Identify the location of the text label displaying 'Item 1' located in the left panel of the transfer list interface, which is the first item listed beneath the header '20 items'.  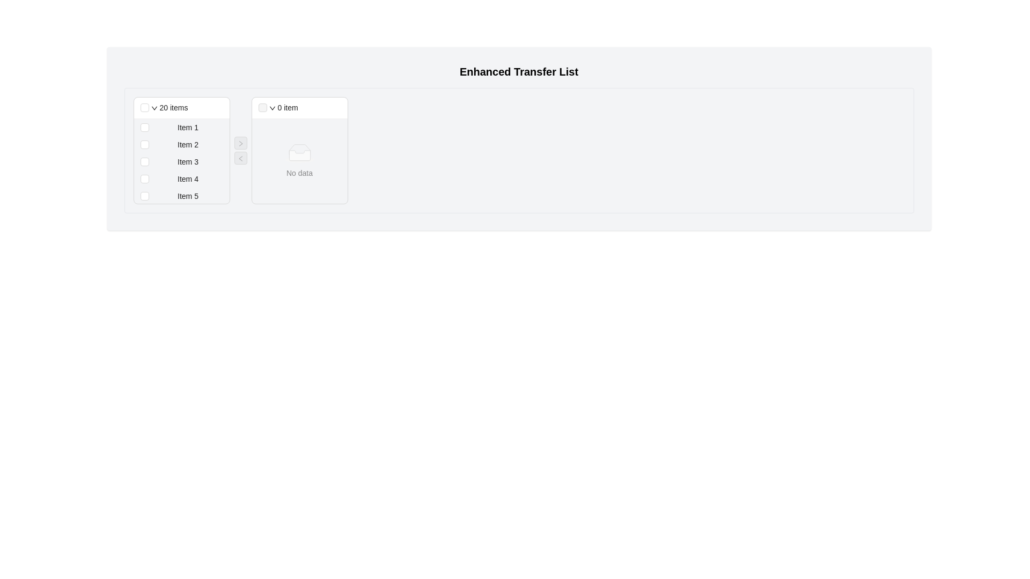
(188, 127).